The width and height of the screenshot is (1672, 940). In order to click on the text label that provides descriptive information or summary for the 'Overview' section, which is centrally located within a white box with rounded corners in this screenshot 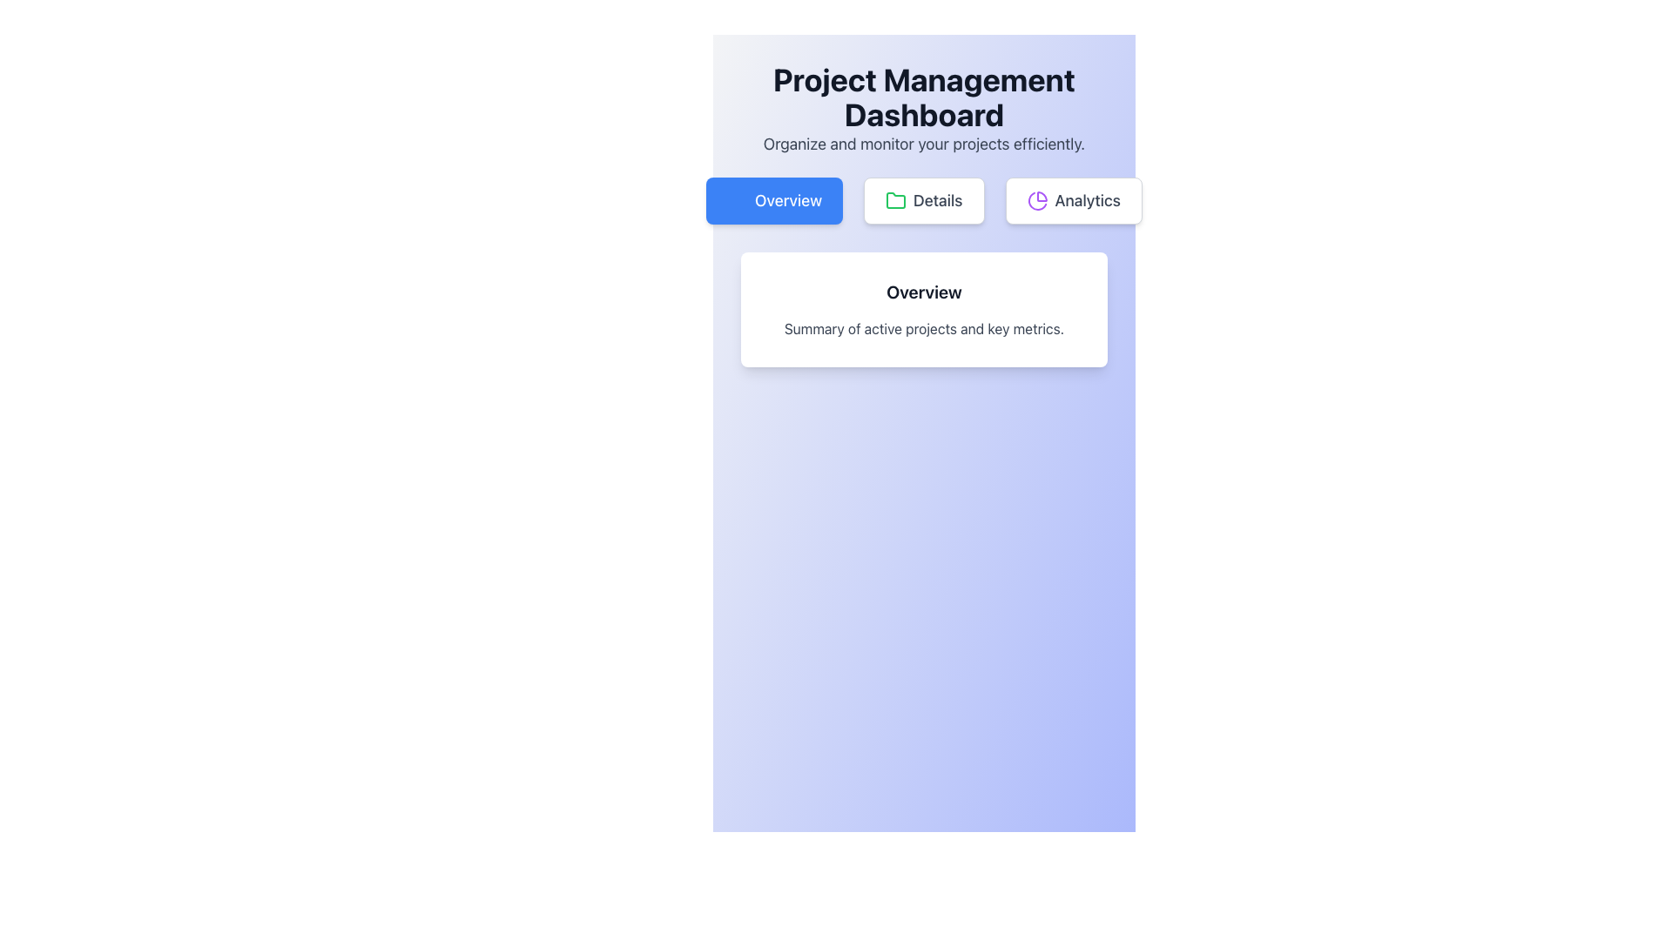, I will do `click(923, 329)`.